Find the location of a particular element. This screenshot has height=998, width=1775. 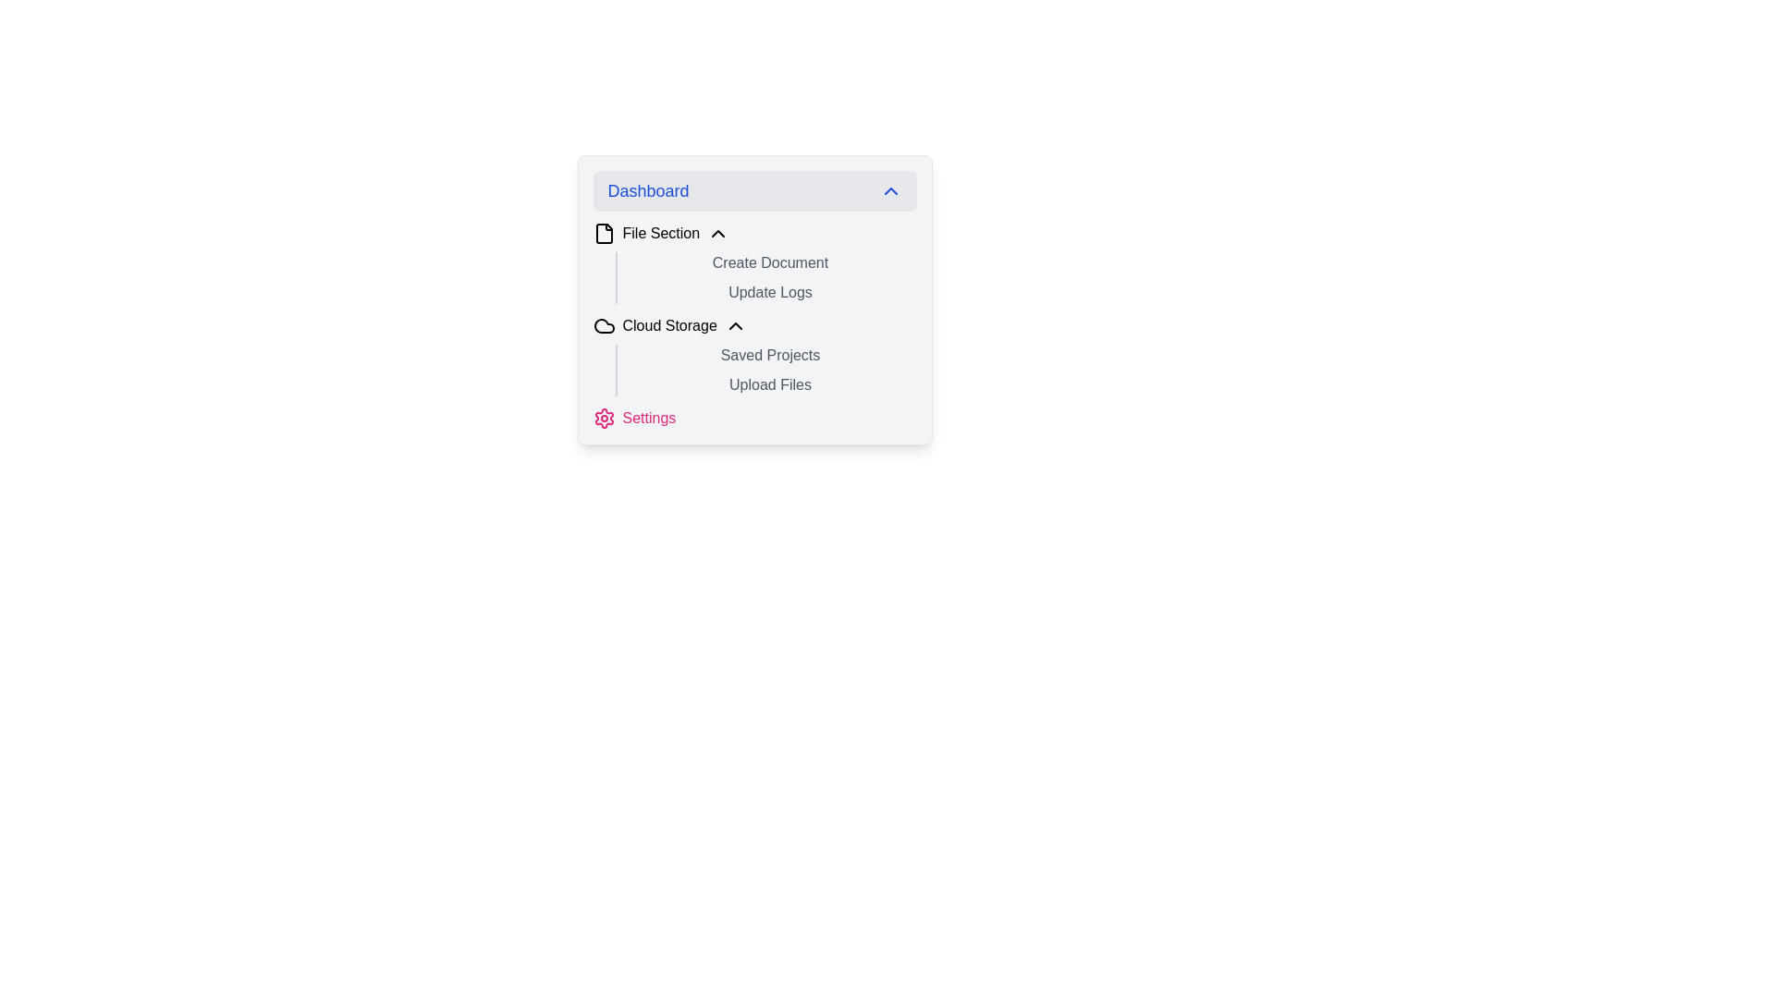

the 'File Section' icon located to the left of the 'File Section' text within the dropdown panel under the 'Dashboard' header is located at coordinates (604, 233).